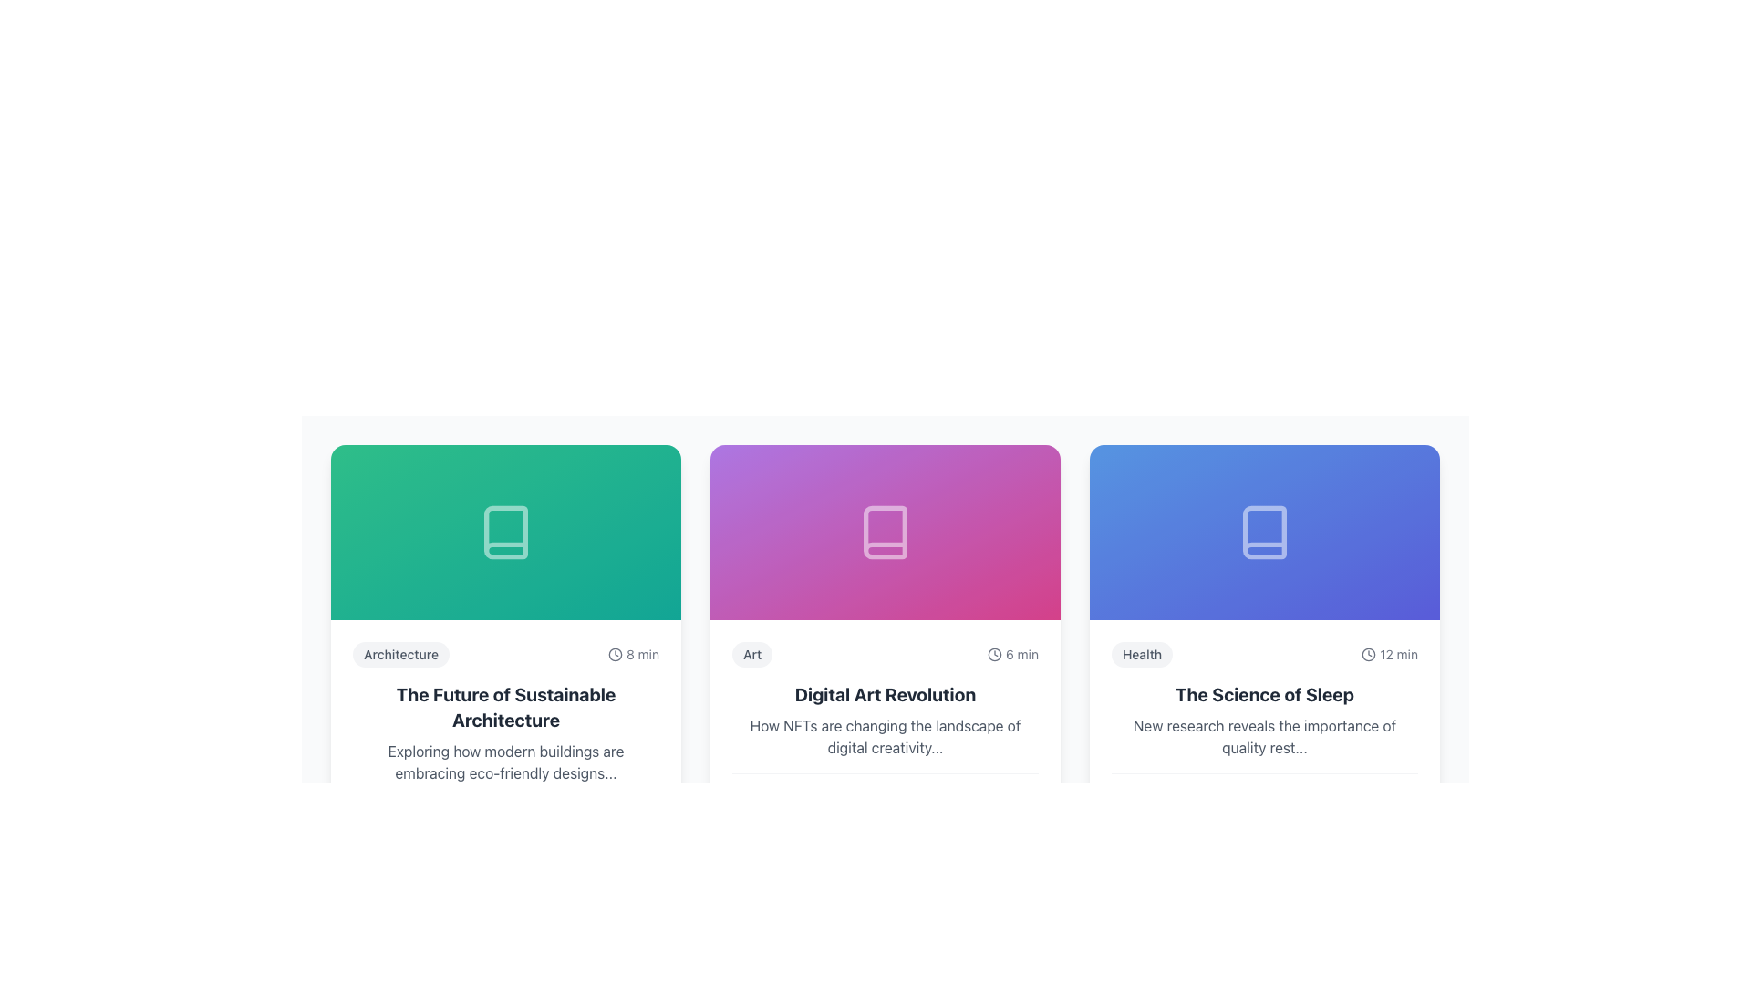  Describe the element at coordinates (994, 653) in the screenshot. I see `the circular graphical element that is part of the clock symbol in the middle card titled 'Digital Art Revolution'` at that location.